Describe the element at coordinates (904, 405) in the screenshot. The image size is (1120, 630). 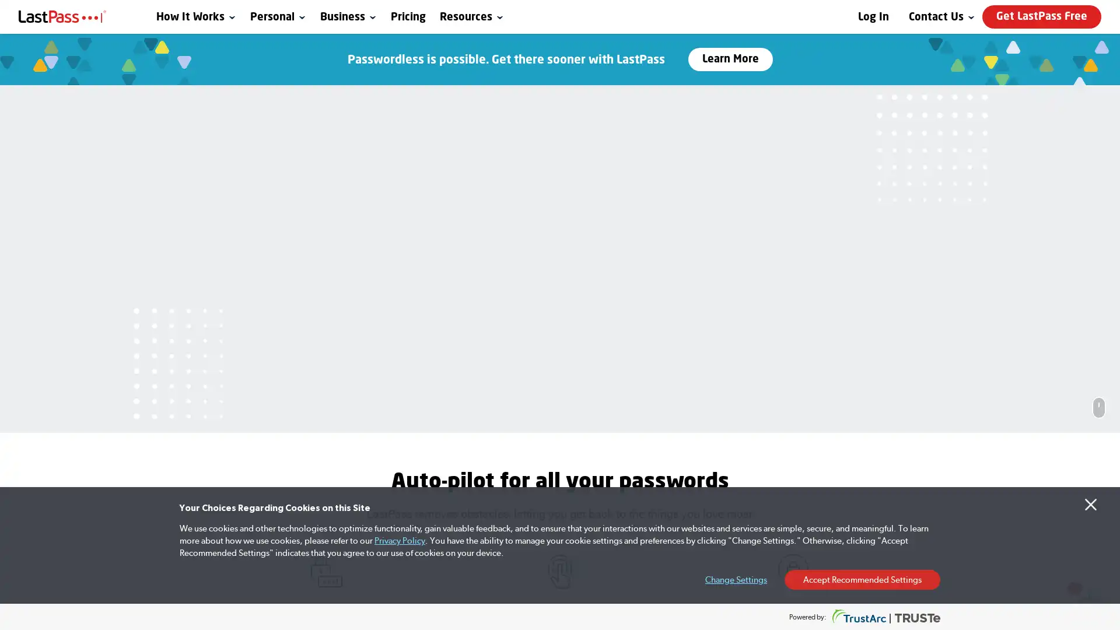
I see `close` at that location.